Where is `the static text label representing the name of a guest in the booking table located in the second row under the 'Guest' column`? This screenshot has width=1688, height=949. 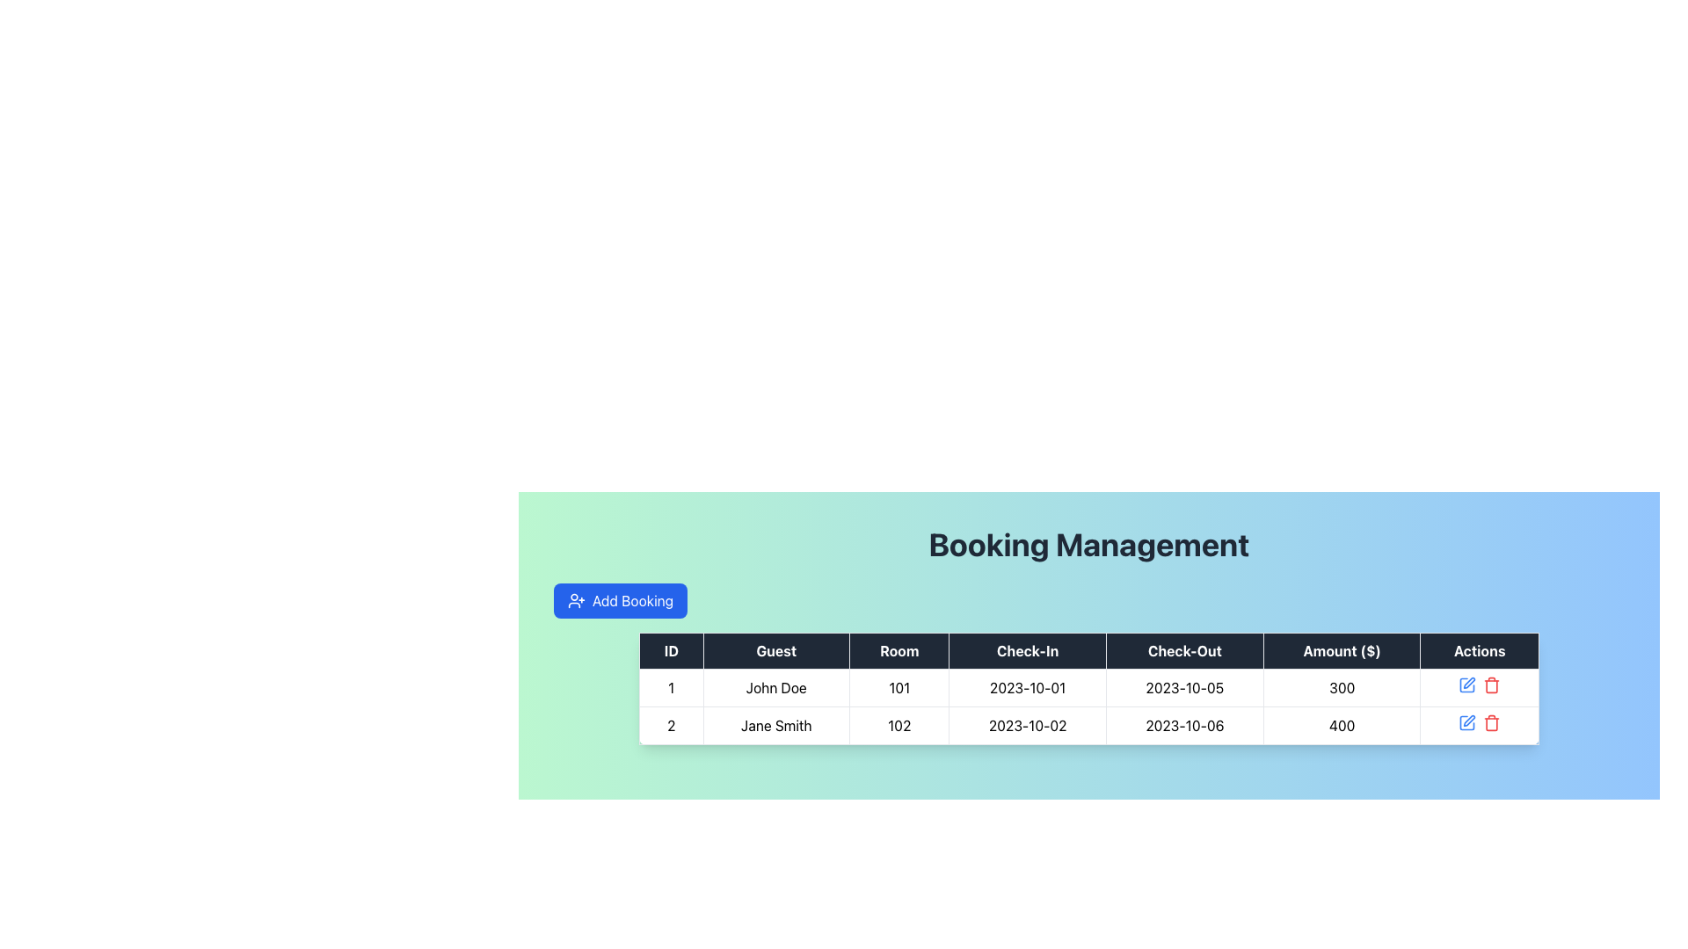
the static text label representing the name of a guest in the booking table located in the second row under the 'Guest' column is located at coordinates (775, 725).